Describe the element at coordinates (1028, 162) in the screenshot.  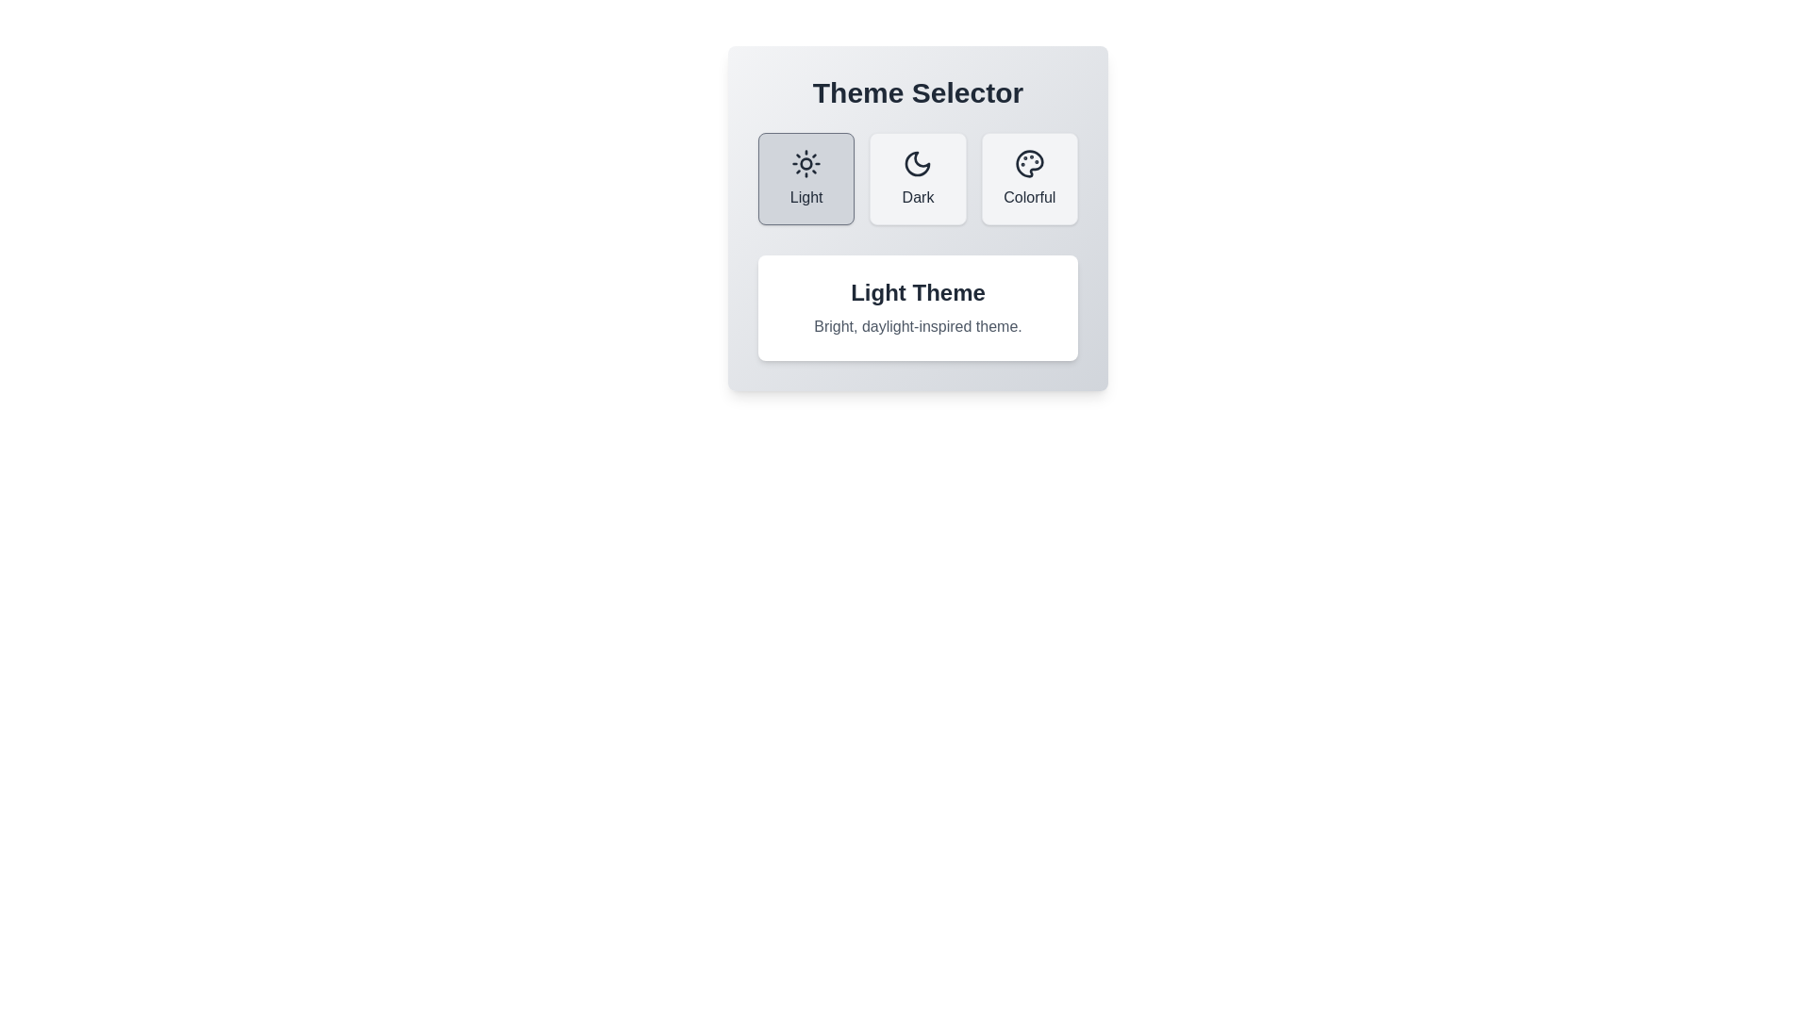
I see `the 'Colorful' theme icon located at the top-right corner of the theme selector interface, adjacent to the 'Dark' theme button` at that location.